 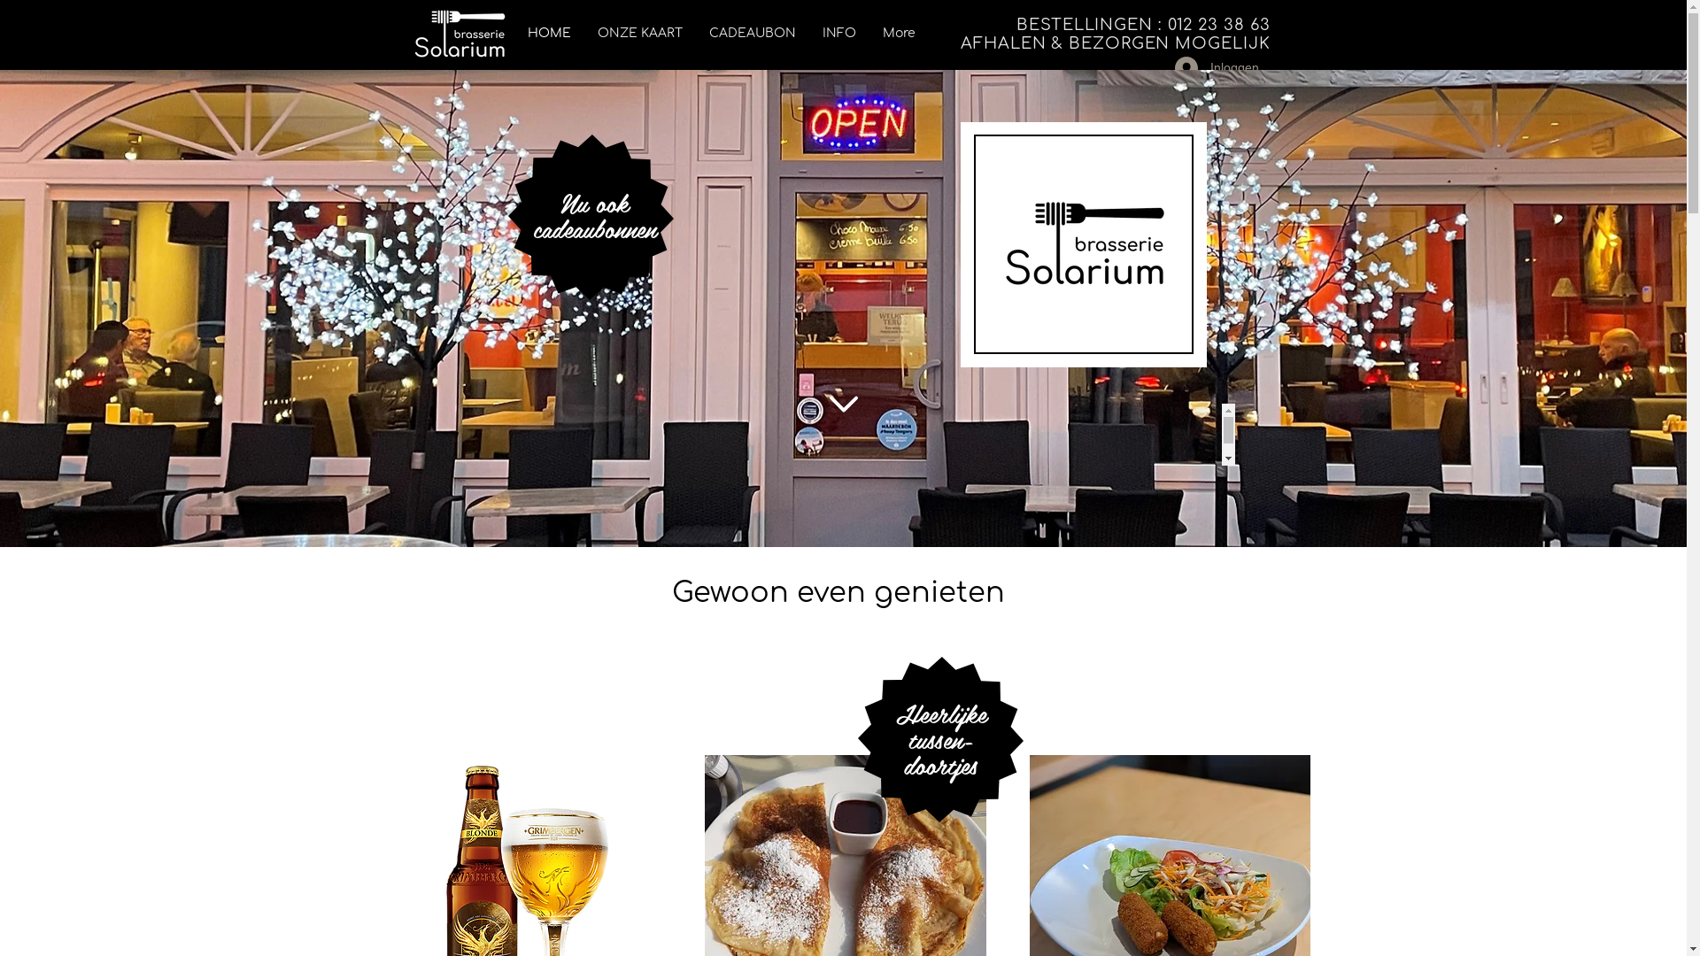 I want to click on 'HOME', so click(x=547, y=33).